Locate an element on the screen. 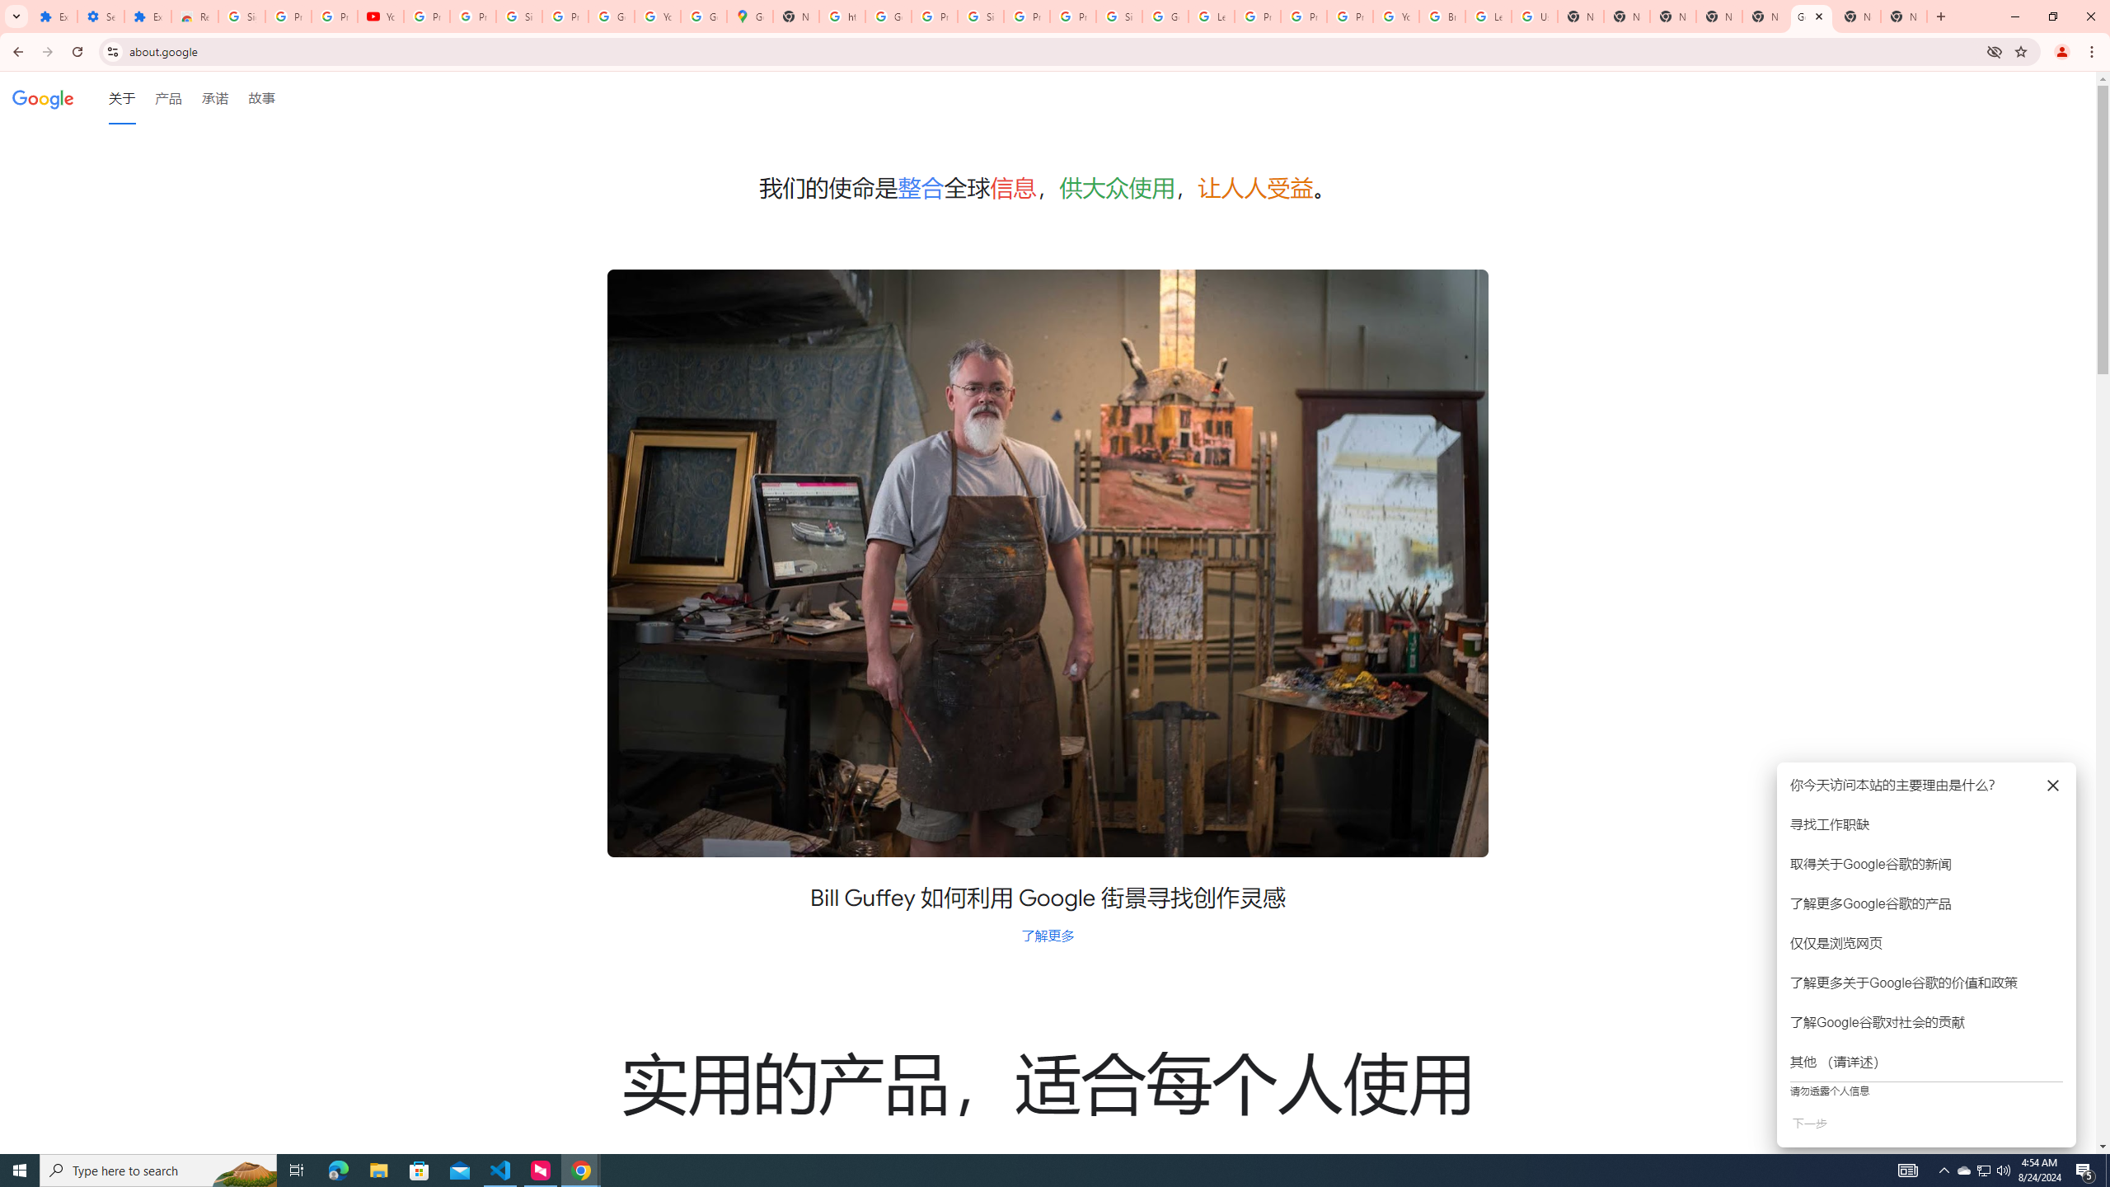 The height and width of the screenshot is (1187, 2110). 'https://scholar.google.com/' is located at coordinates (842, 16).